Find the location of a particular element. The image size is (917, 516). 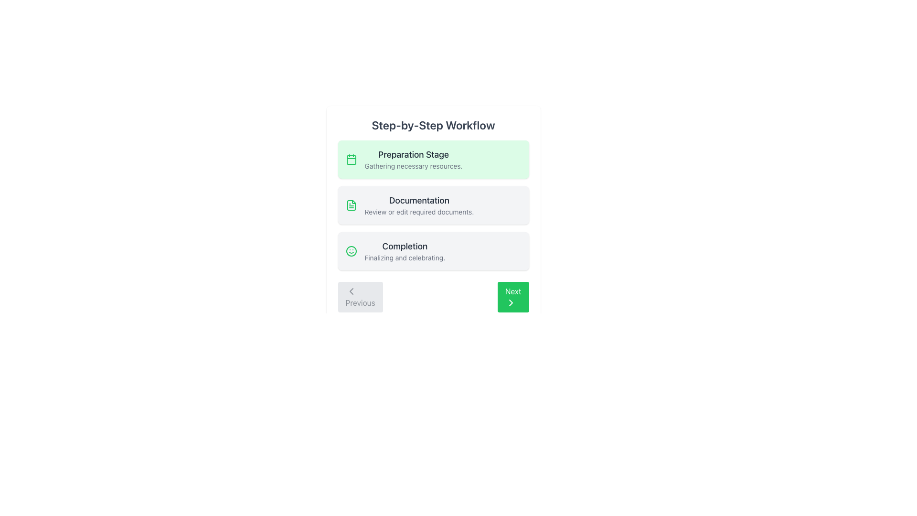

the text block labeled 'Completion' that contains the lines 'Completion' and 'Finalizing and celebrating.' in the Step-by-Step Workflow interface is located at coordinates (405, 250).